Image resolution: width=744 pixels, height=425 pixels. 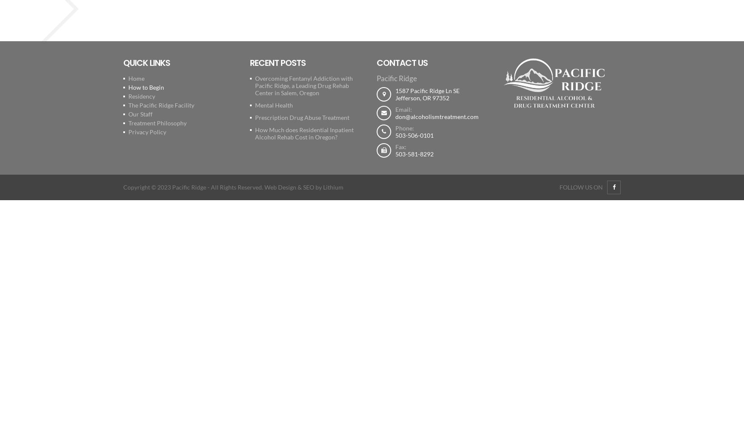 I want to click on '1587 Pacific Ridge Ln SE', so click(x=427, y=90).